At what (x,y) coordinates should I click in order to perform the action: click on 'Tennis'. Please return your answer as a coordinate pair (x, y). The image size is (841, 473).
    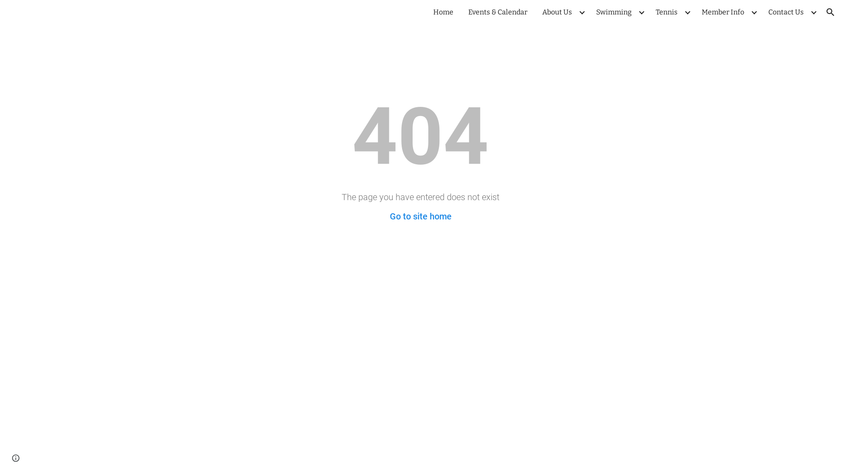
    Looking at the image, I should click on (666, 12).